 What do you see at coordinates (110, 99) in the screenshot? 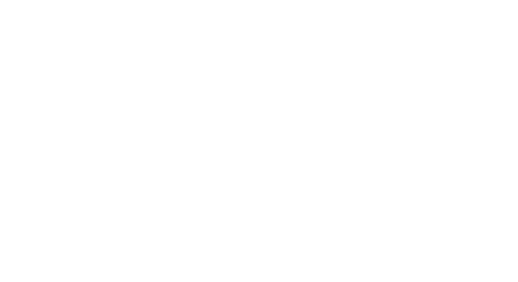
I see `'Author'` at bounding box center [110, 99].